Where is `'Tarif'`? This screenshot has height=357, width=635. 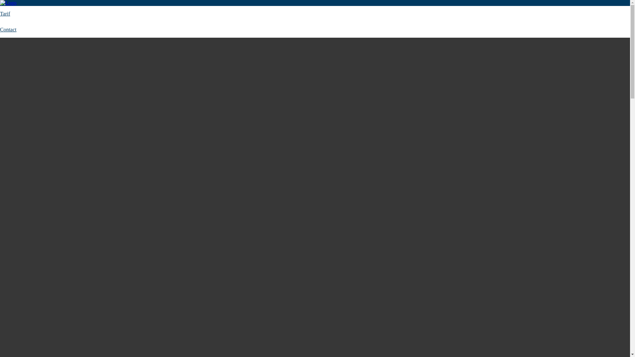 'Tarif' is located at coordinates (5, 14).